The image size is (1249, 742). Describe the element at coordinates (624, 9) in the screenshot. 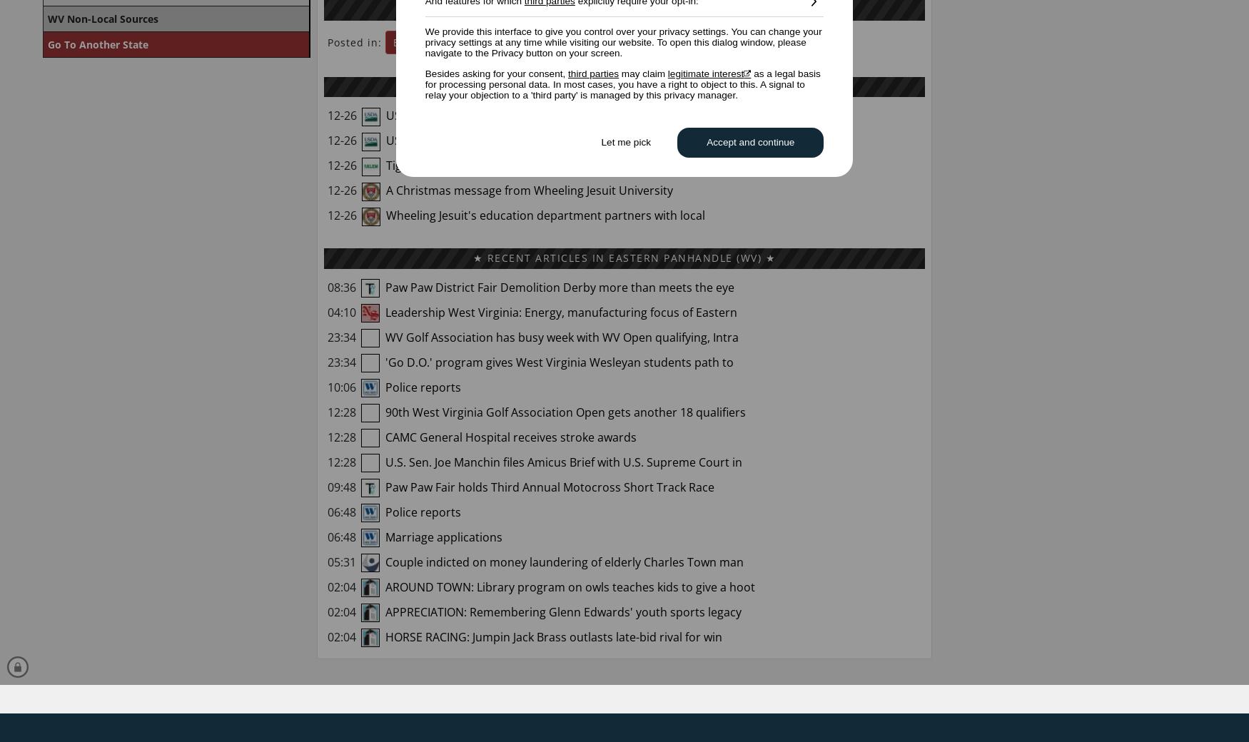

I see `'★ FURTHER REFERENCES ★'` at that location.